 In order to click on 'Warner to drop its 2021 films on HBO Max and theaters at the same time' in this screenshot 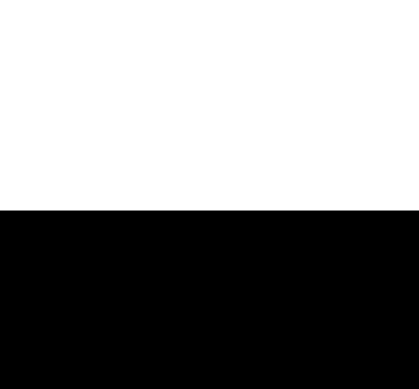, I will do `click(356, 21)`.